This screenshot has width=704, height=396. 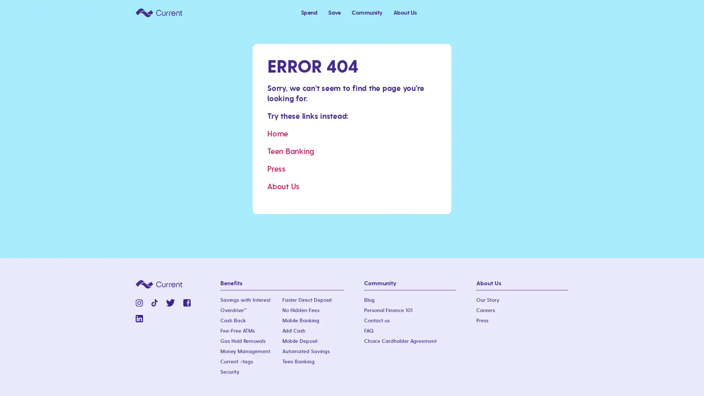 I want to click on Careers, so click(x=485, y=311).